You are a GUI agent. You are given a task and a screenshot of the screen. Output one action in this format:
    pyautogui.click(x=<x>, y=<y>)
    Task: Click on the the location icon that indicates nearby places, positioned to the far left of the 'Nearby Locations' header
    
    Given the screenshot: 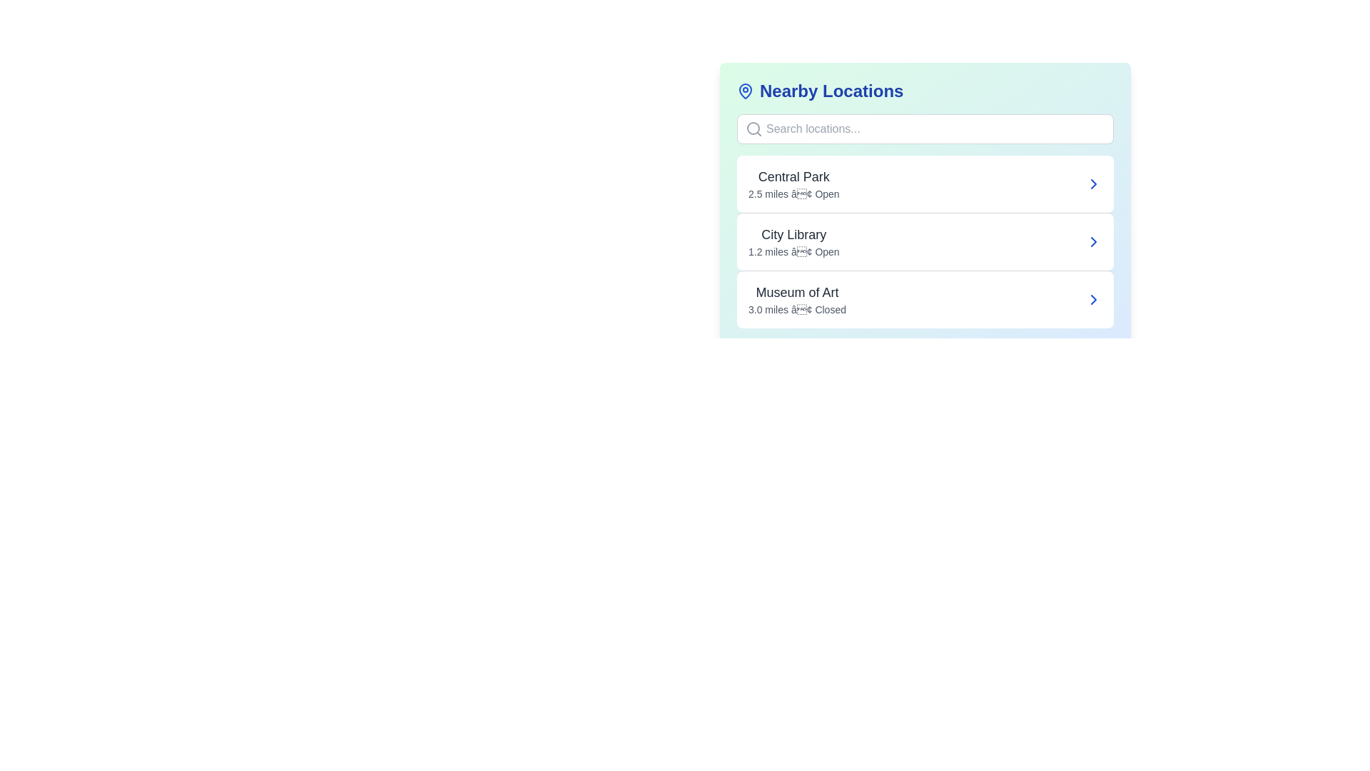 What is the action you would take?
    pyautogui.click(x=745, y=91)
    